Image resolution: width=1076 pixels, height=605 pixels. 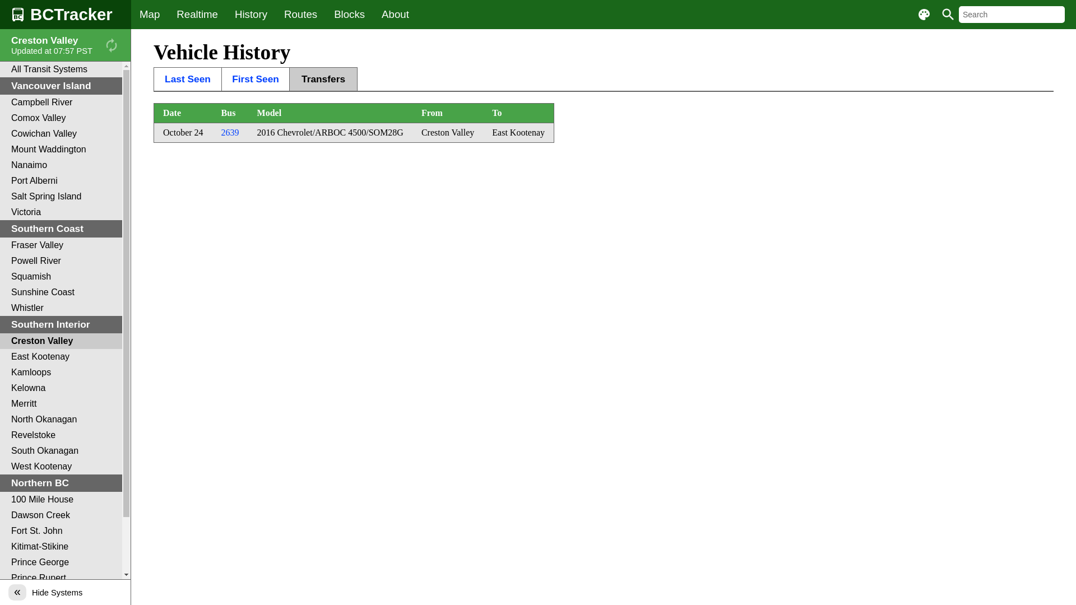 I want to click on '100 Mile House', so click(x=61, y=499).